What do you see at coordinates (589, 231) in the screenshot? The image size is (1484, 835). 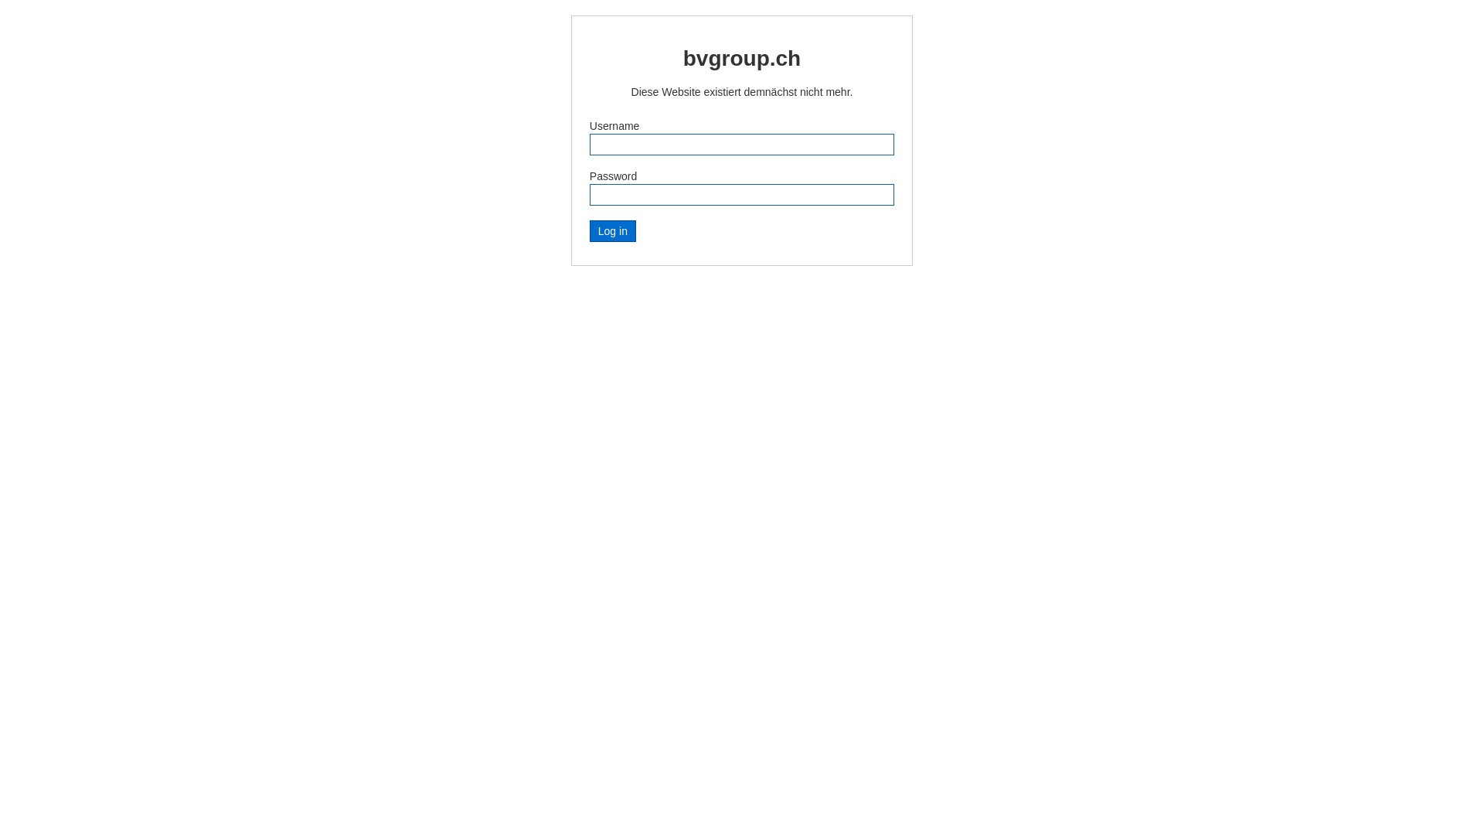 I see `'Log in'` at bounding box center [589, 231].